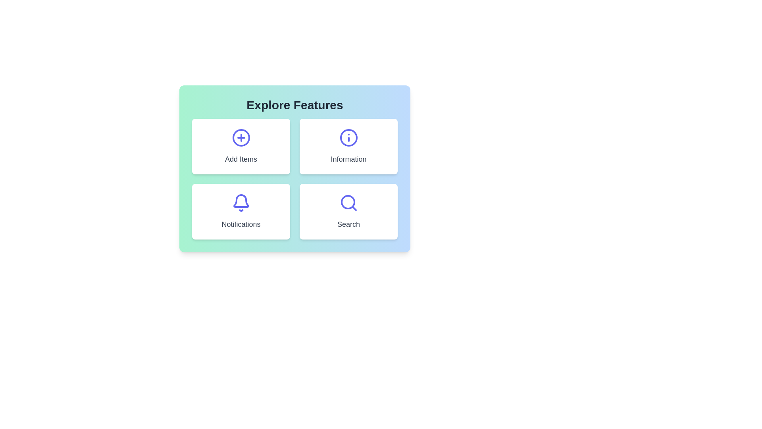 The height and width of the screenshot is (429, 762). What do you see at coordinates (348, 224) in the screenshot?
I see `the 'Search' text label which is located at the bottom center of a card with a search icon above it` at bounding box center [348, 224].